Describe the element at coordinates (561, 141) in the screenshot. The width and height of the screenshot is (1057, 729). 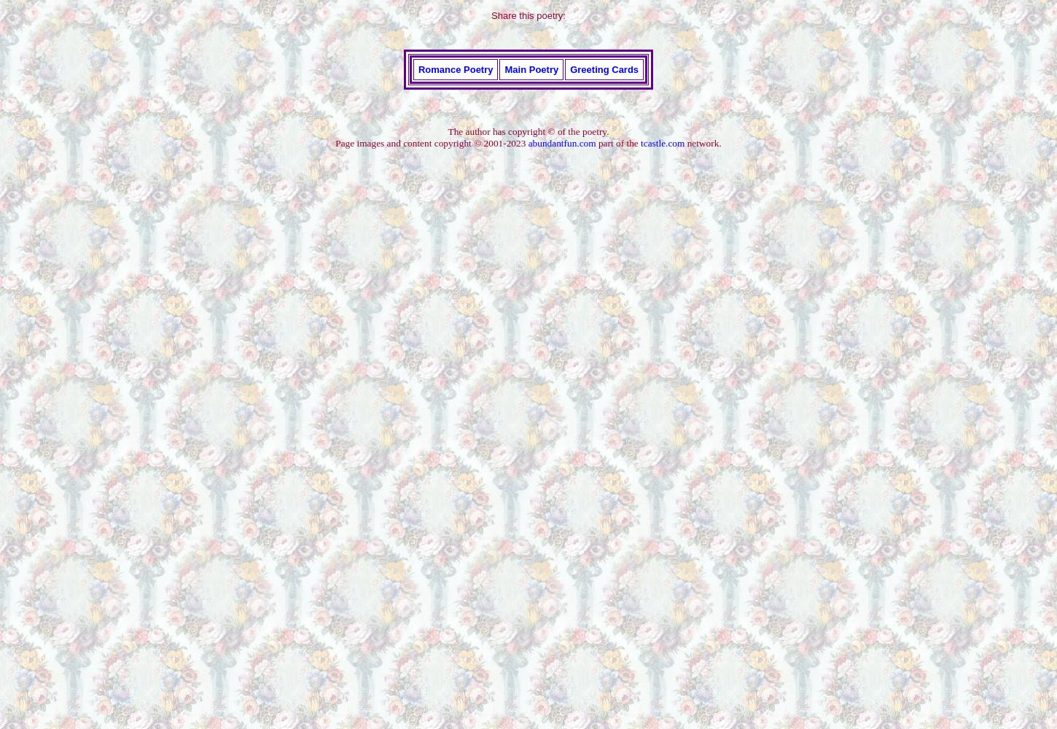
I see `'abundantfun.com'` at that location.